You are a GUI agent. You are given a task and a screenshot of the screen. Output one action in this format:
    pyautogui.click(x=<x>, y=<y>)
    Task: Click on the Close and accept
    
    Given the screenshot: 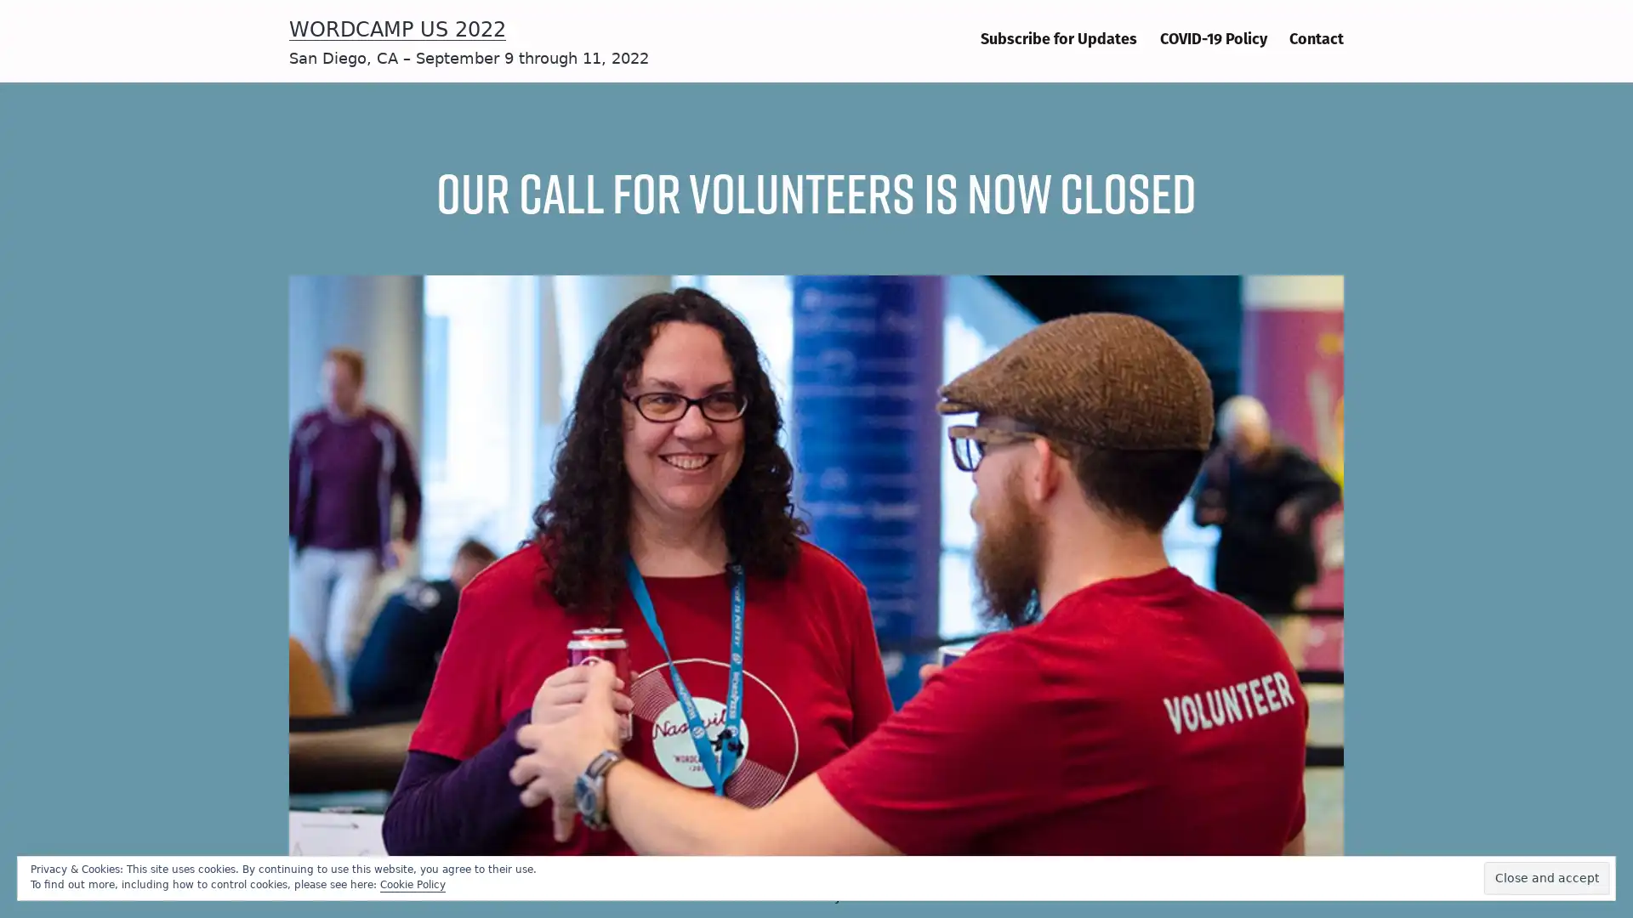 What is the action you would take?
    pyautogui.click(x=1547, y=878)
    